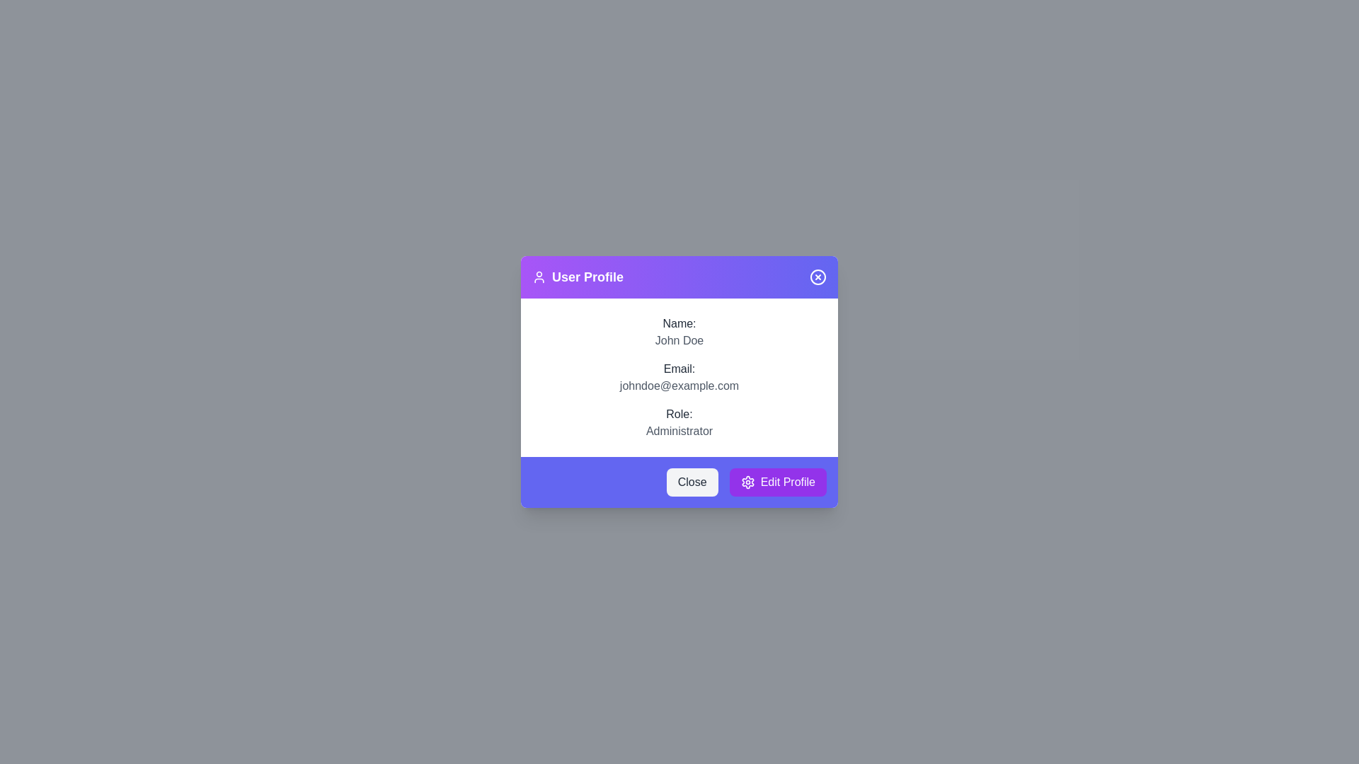 Image resolution: width=1359 pixels, height=764 pixels. Describe the element at coordinates (679, 422) in the screenshot. I see `the static text field displaying 'Administrator', which is positioned below the 'Email: johndoe@example.com' entry in the user information card` at that location.